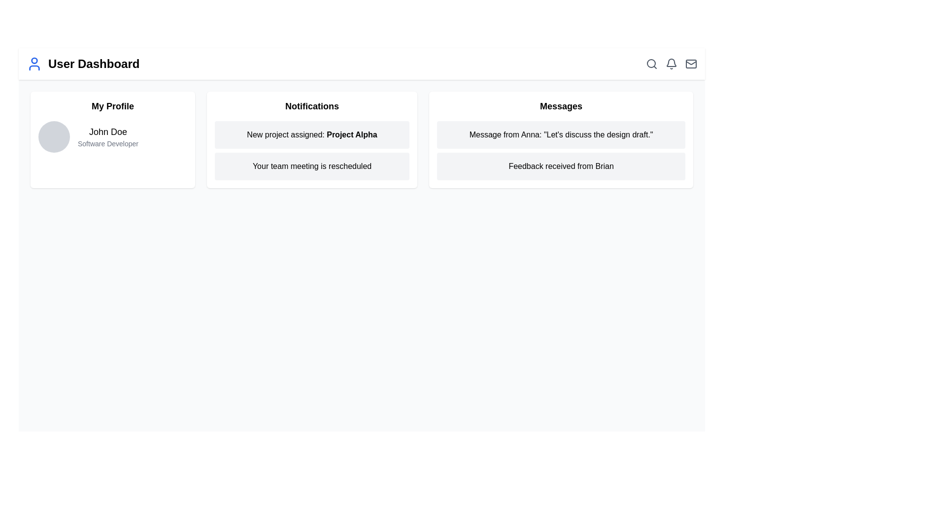  I want to click on the user profile icon, which is a blue circular head with a half-circle below it, located to the left of the 'User Dashboard' text in the header section, so click(34, 64).